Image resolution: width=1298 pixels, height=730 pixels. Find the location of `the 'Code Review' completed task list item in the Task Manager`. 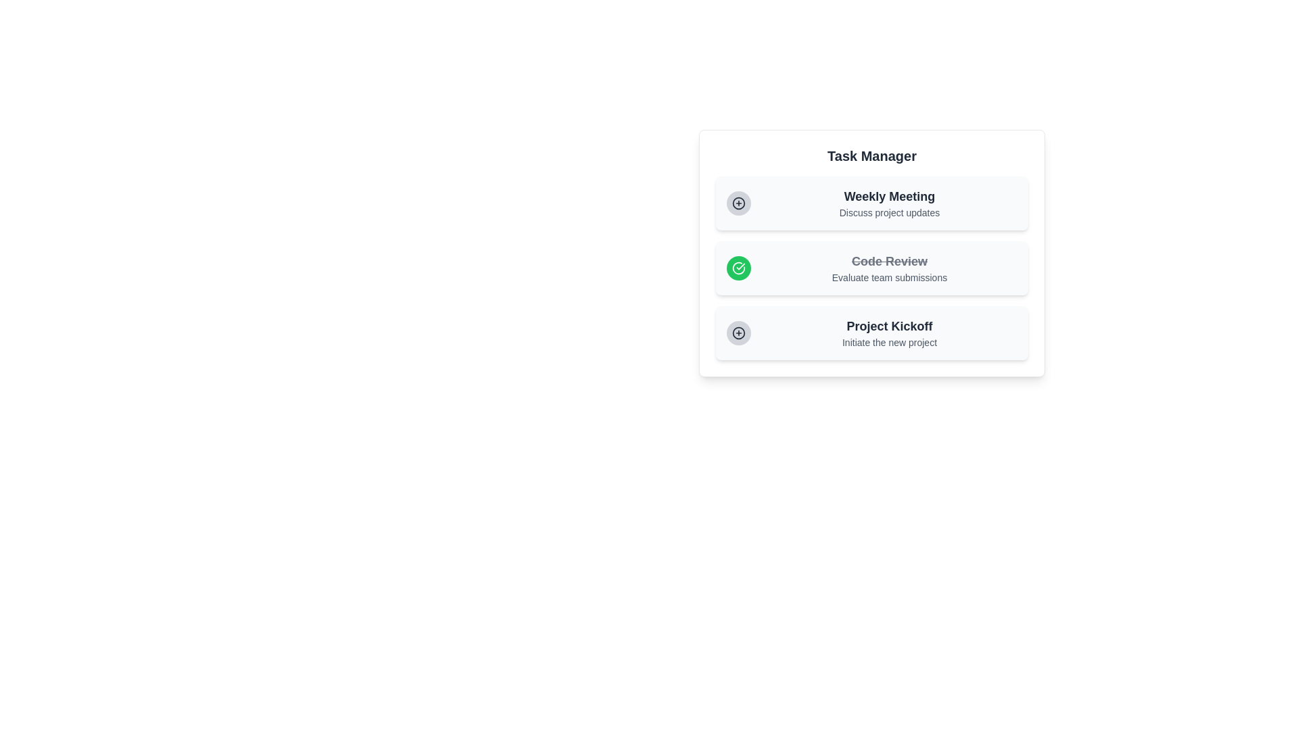

the 'Code Review' completed task list item in the Task Manager is located at coordinates (872, 268).